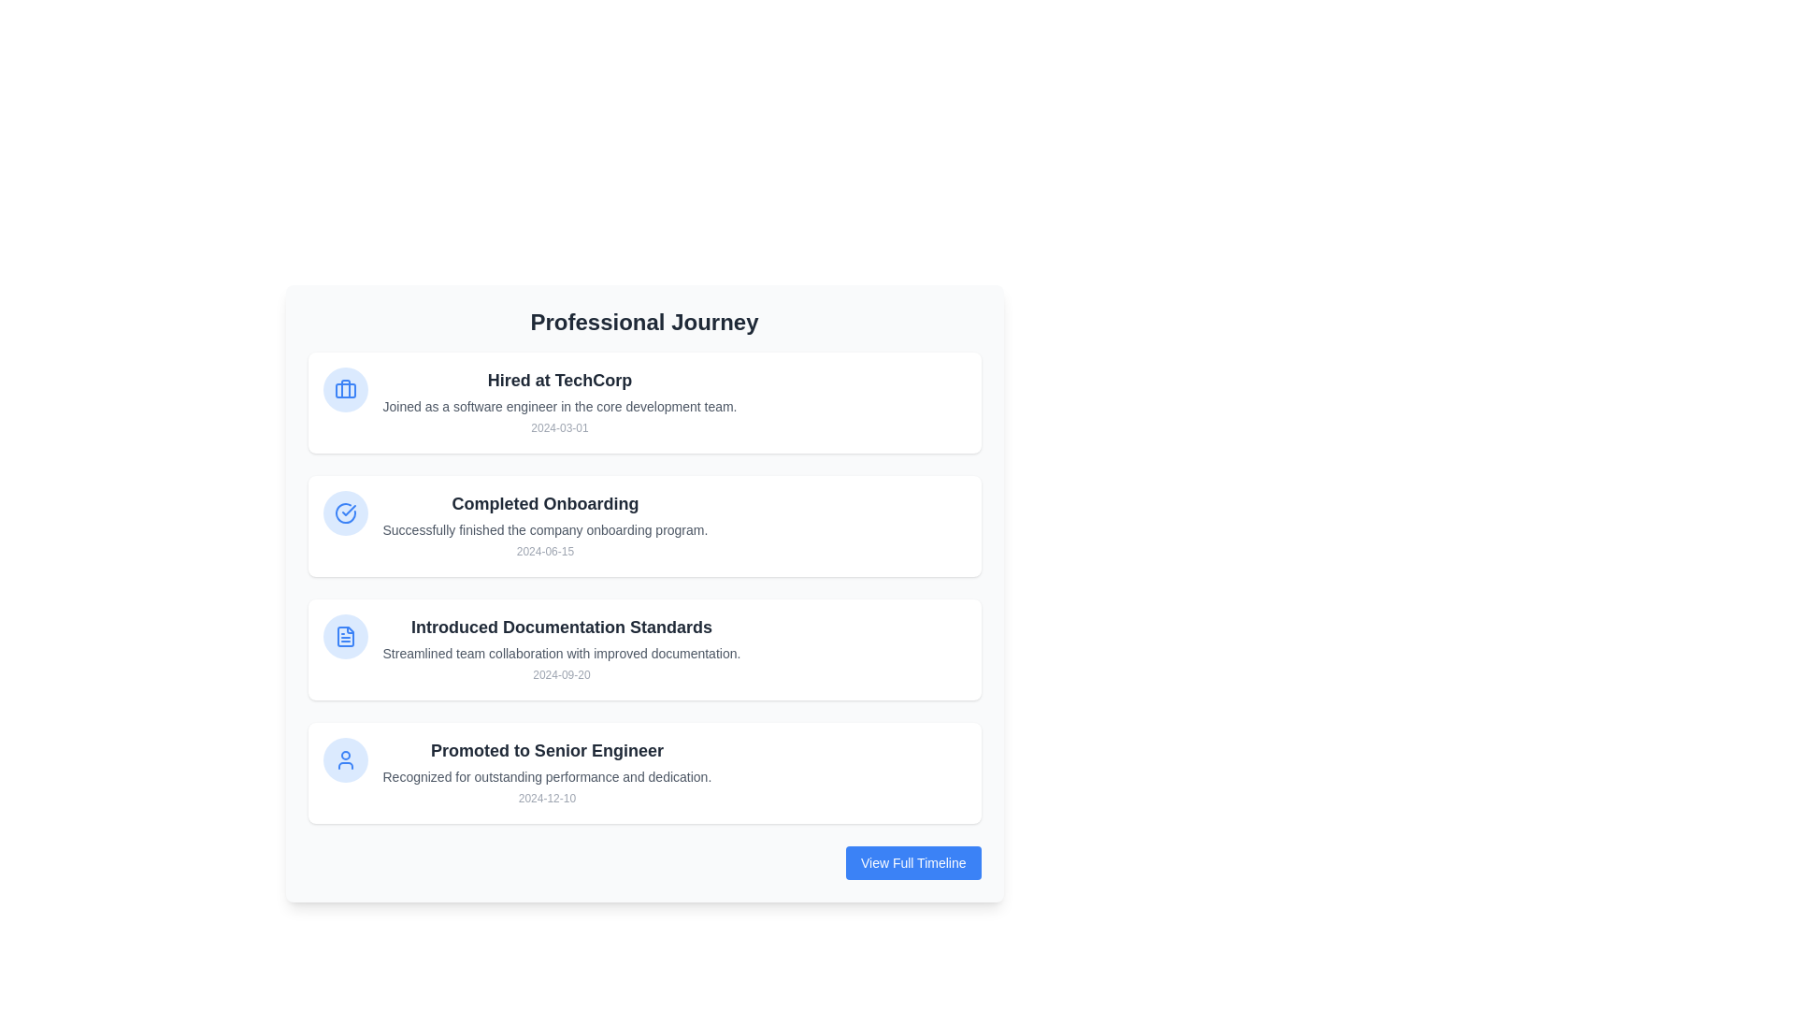 This screenshot has width=1795, height=1010. What do you see at coordinates (559, 380) in the screenshot?
I see `the title header of the first card in the vertical list under the 'Professional Journey' section, which provides a summary of the event` at bounding box center [559, 380].